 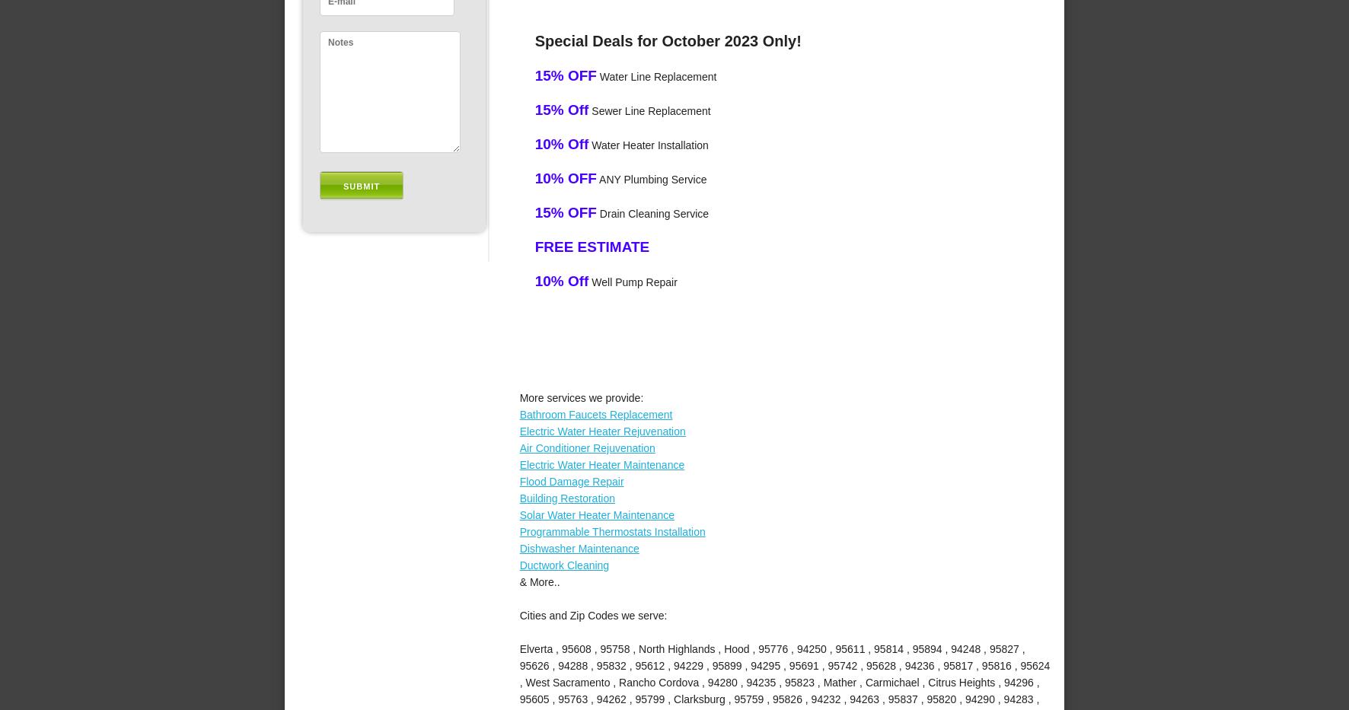 I want to click on 'Well Pump Repair', so click(x=633, y=282).